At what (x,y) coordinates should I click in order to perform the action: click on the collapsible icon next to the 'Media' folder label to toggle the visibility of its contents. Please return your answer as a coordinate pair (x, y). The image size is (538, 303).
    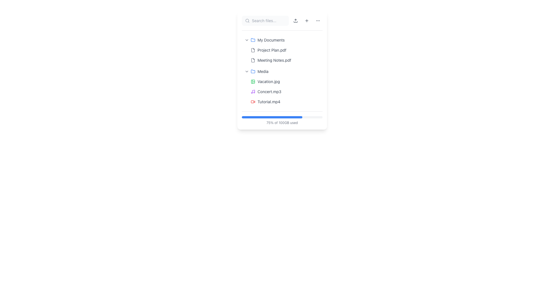
    Looking at the image, I should click on (247, 71).